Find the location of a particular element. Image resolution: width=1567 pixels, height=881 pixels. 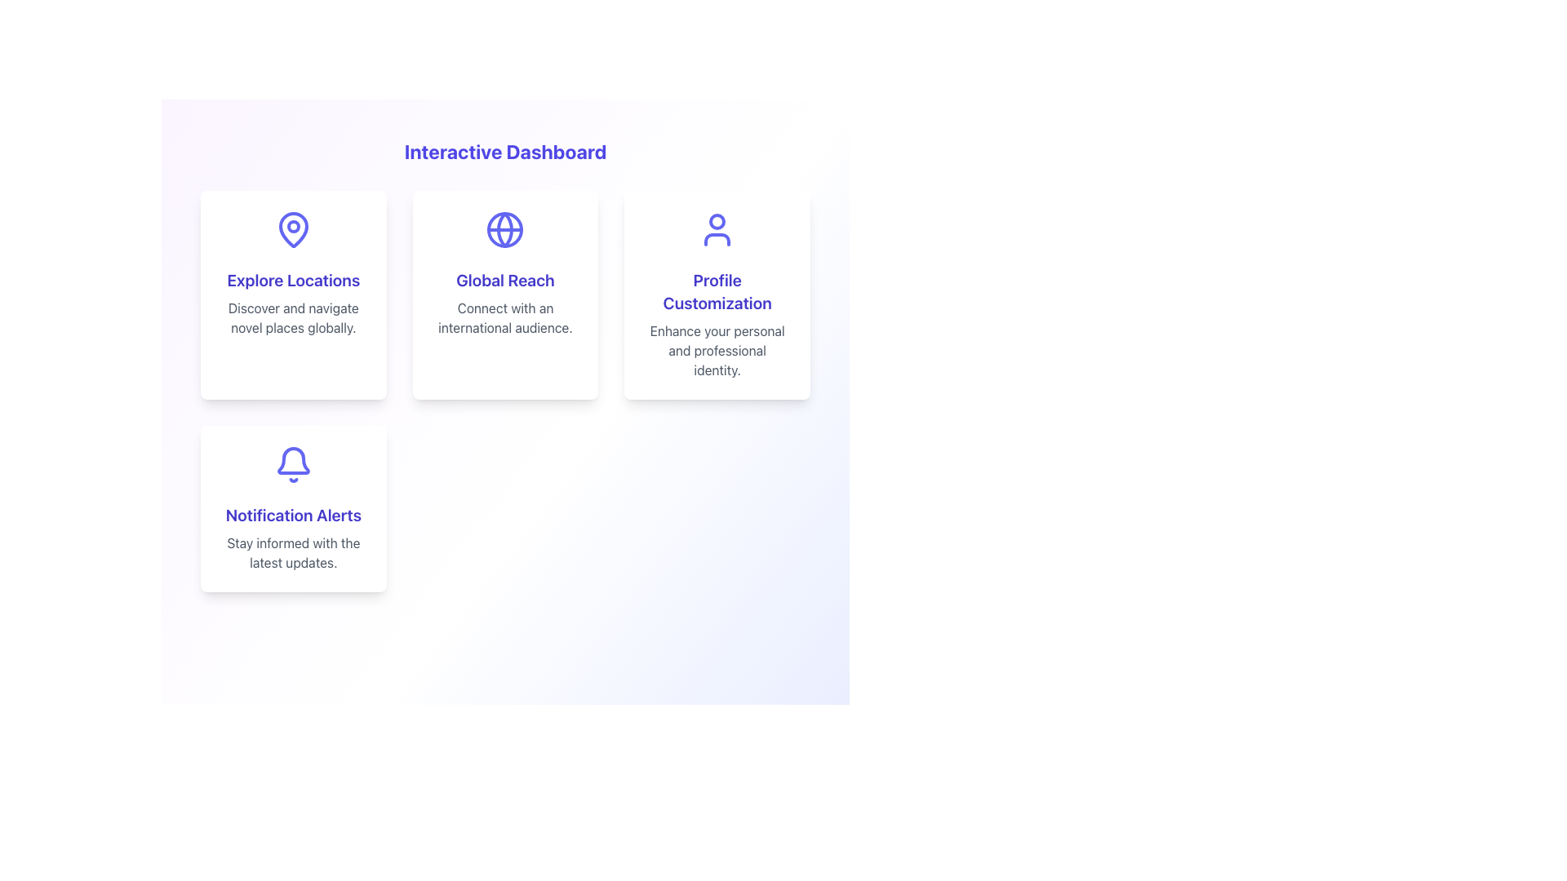

the blue bell-shaped notification icon located at the center of the 'Notification Alerts' card is located at coordinates (293, 460).